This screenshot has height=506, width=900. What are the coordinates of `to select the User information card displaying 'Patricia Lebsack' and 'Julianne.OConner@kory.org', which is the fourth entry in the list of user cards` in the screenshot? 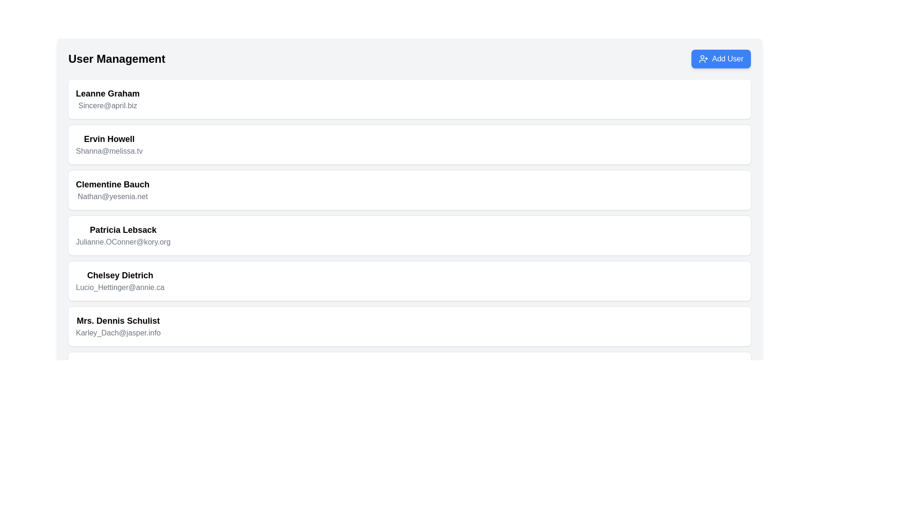 It's located at (409, 235).